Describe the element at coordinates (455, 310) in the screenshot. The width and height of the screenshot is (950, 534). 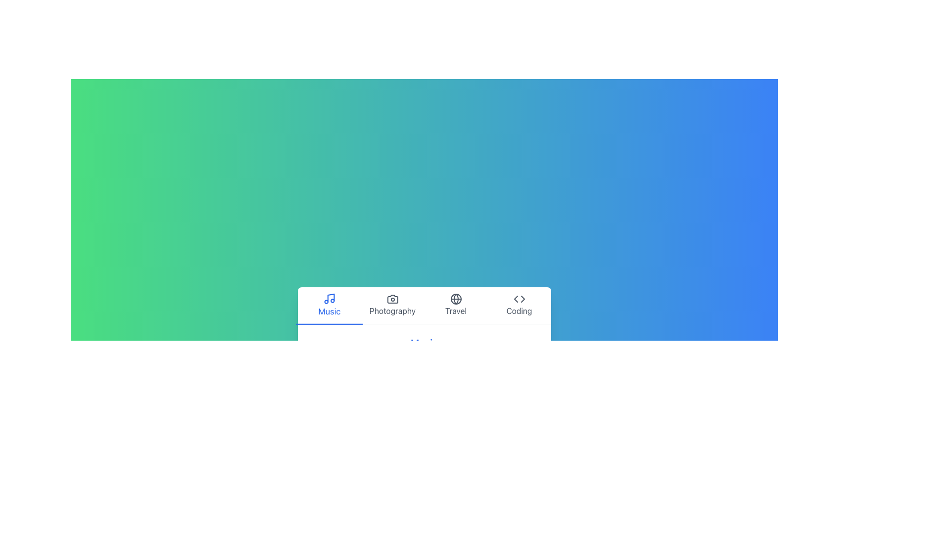
I see `the 'Travel' text label in the horizontal navigation menu` at that location.